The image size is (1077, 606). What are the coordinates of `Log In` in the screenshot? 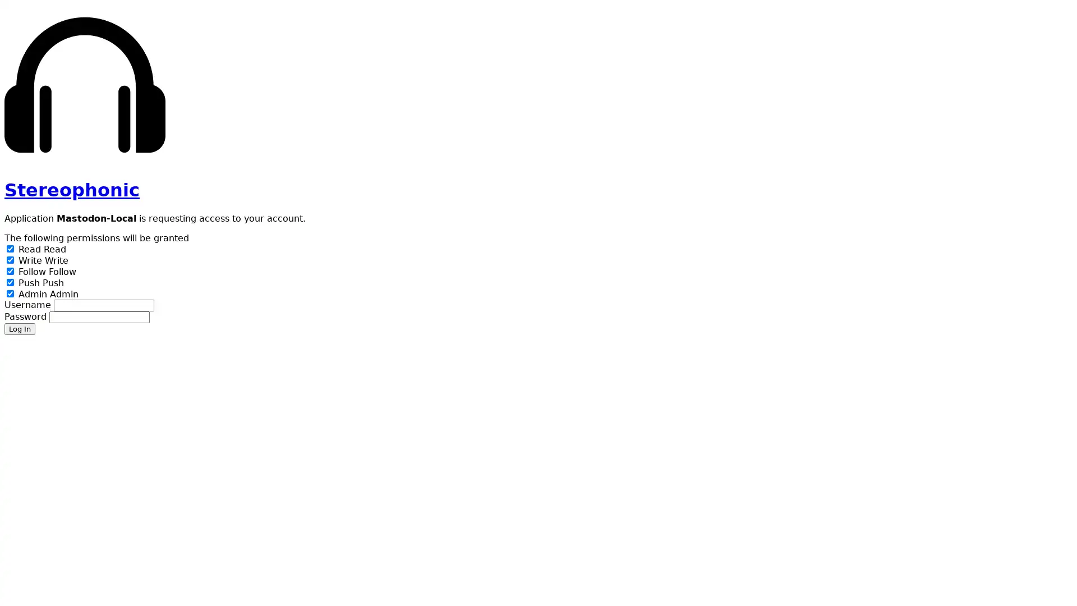 It's located at (20, 328).